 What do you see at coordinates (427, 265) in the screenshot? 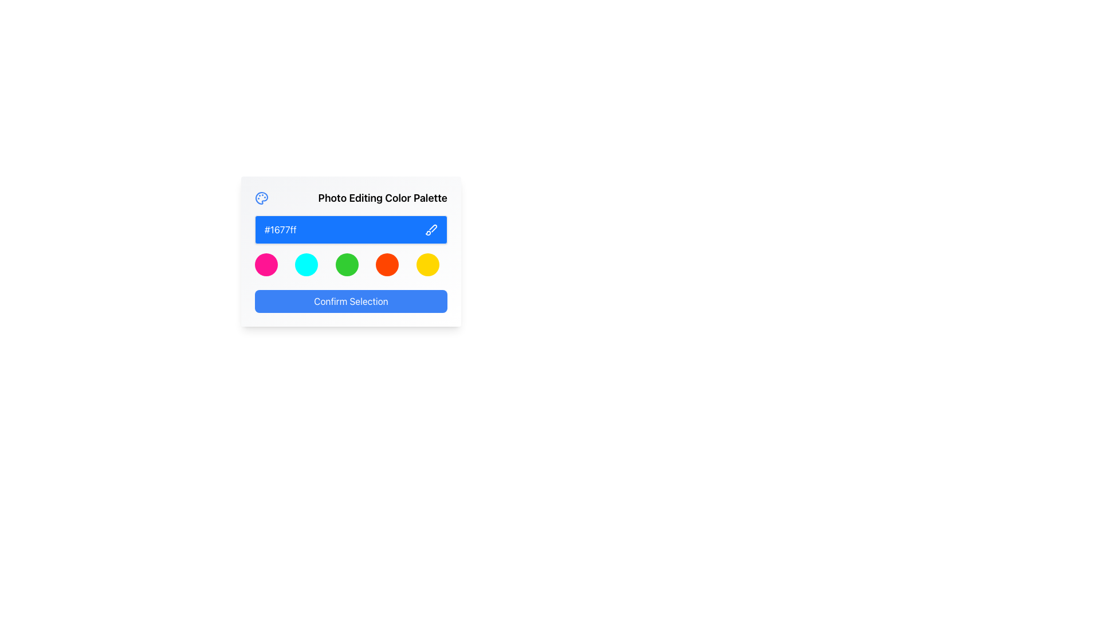
I see `the bright yellow color selection indicator, which is the fifth circle in a row of five colored circles` at bounding box center [427, 265].